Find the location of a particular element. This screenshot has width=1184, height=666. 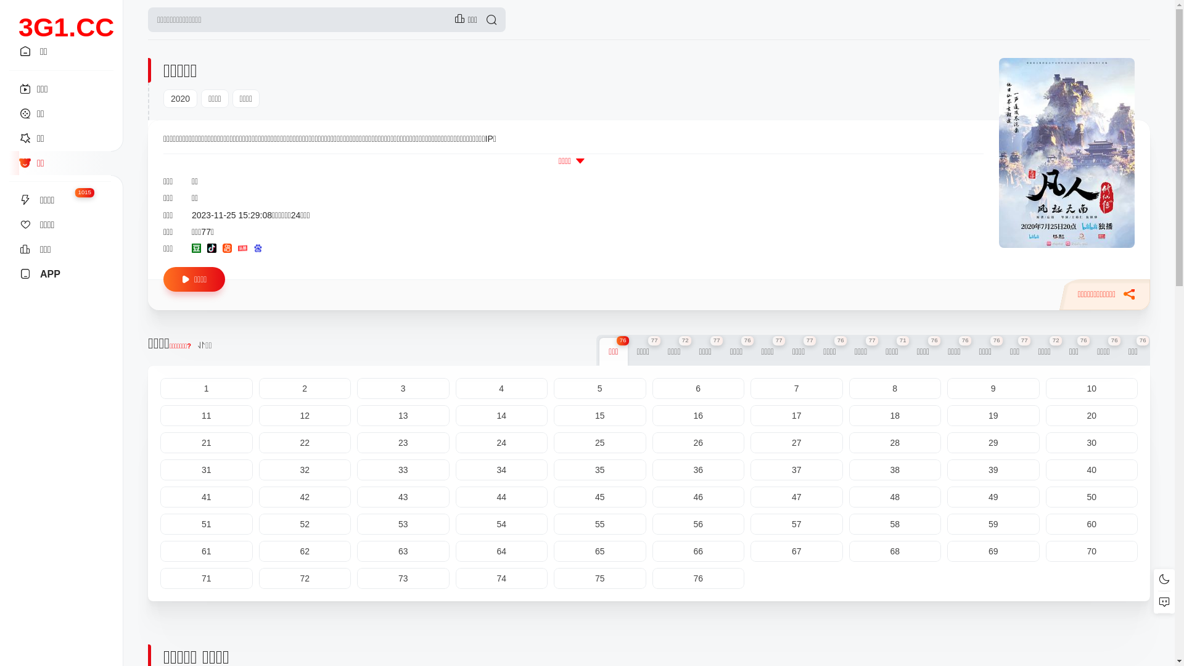

'18' is located at coordinates (894, 416).